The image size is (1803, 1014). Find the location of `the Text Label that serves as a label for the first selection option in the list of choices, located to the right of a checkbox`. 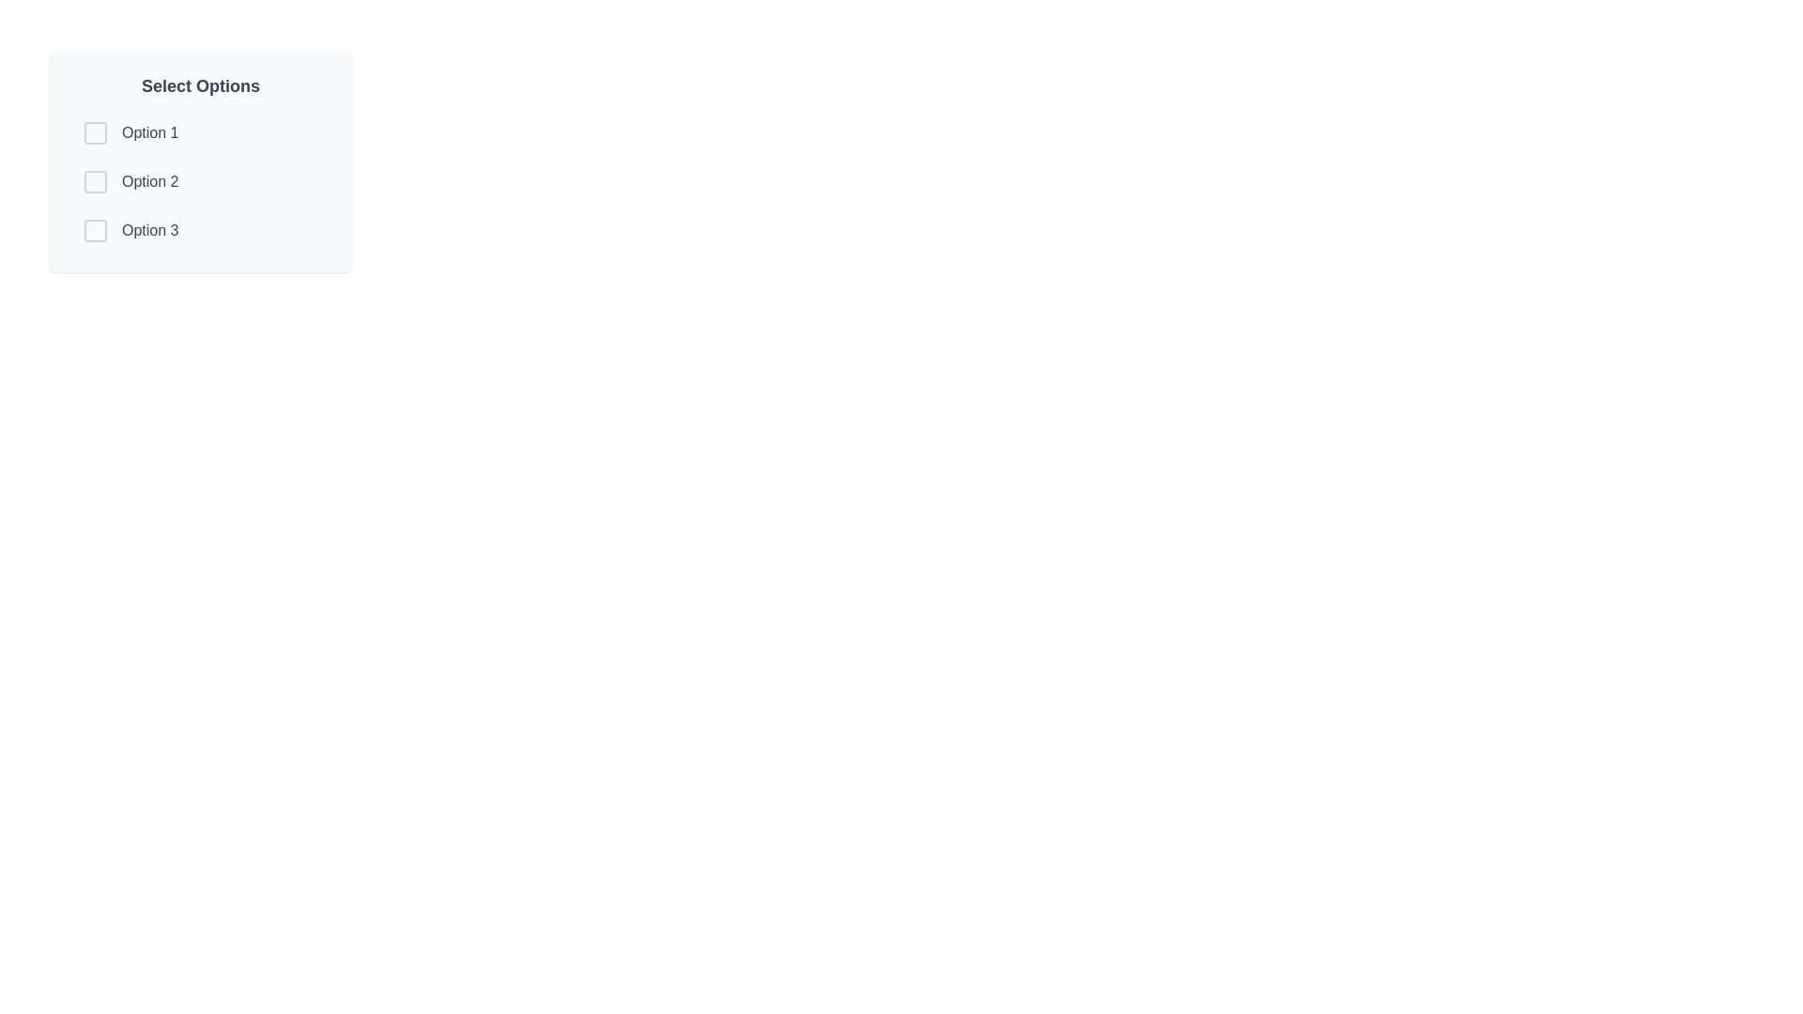

the Text Label that serves as a label for the first selection option in the list of choices, located to the right of a checkbox is located at coordinates (150, 132).